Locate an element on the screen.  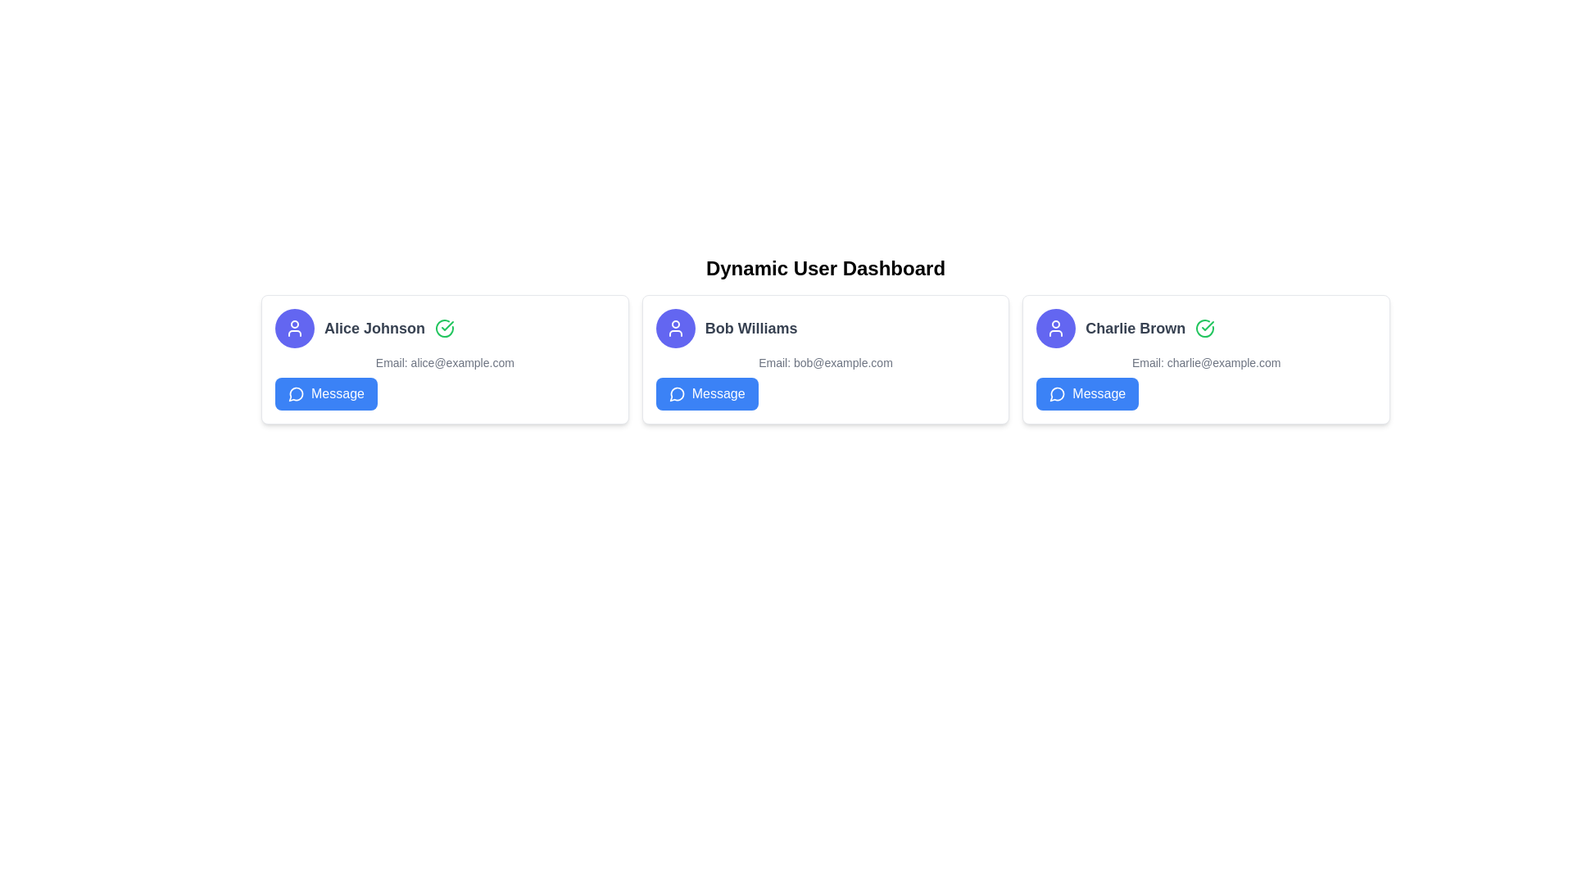
the speech bubble icon within the blue 'Message' button located at the bottom of Charlie Brown's profile card is located at coordinates (1058, 394).